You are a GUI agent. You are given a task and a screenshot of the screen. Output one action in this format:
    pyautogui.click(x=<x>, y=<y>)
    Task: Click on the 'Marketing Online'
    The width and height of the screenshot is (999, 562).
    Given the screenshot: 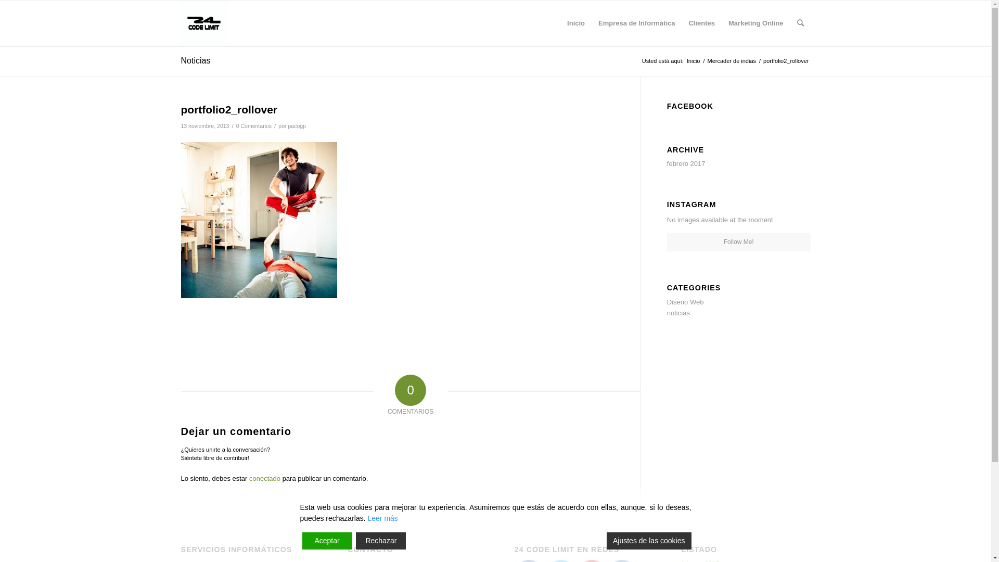 What is the action you would take?
    pyautogui.click(x=755, y=23)
    